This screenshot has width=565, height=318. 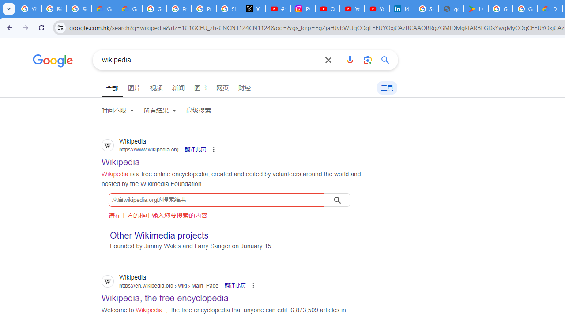 What do you see at coordinates (178, 9) in the screenshot?
I see `'Privacy Help Center - Policies Help'` at bounding box center [178, 9].